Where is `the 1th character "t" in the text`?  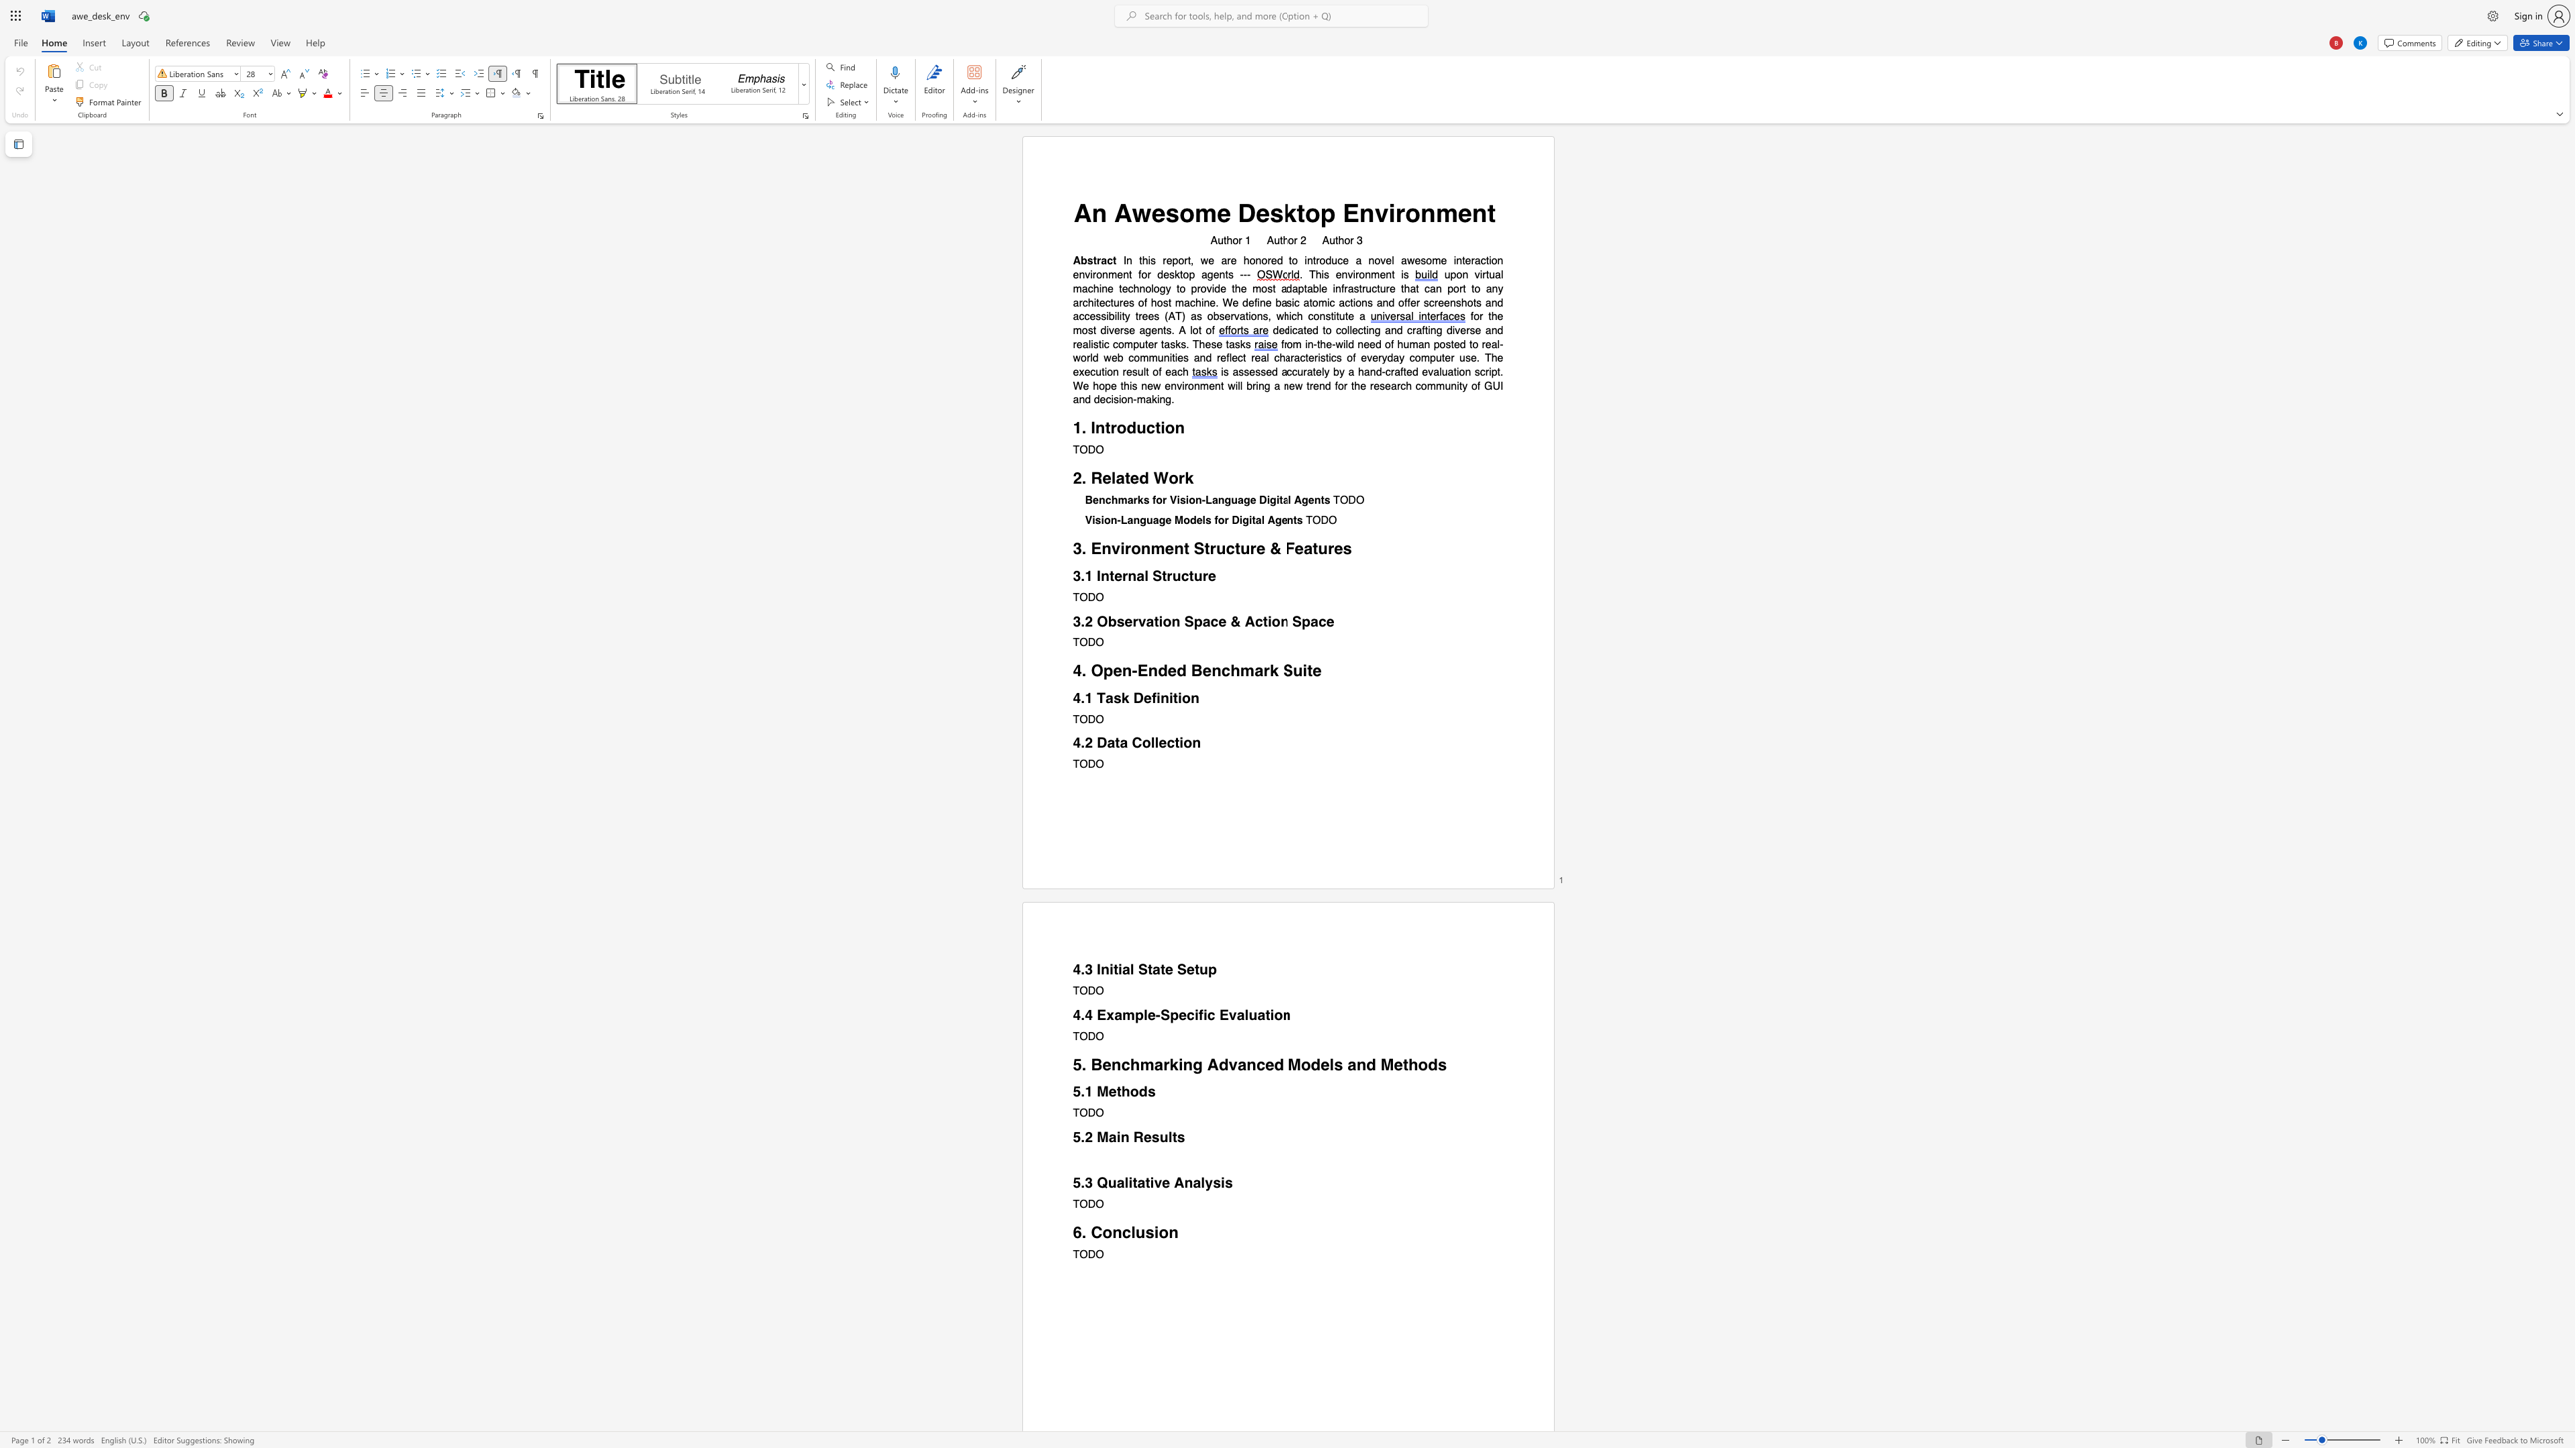
the 1th character "t" in the text is located at coordinates (1300, 213).